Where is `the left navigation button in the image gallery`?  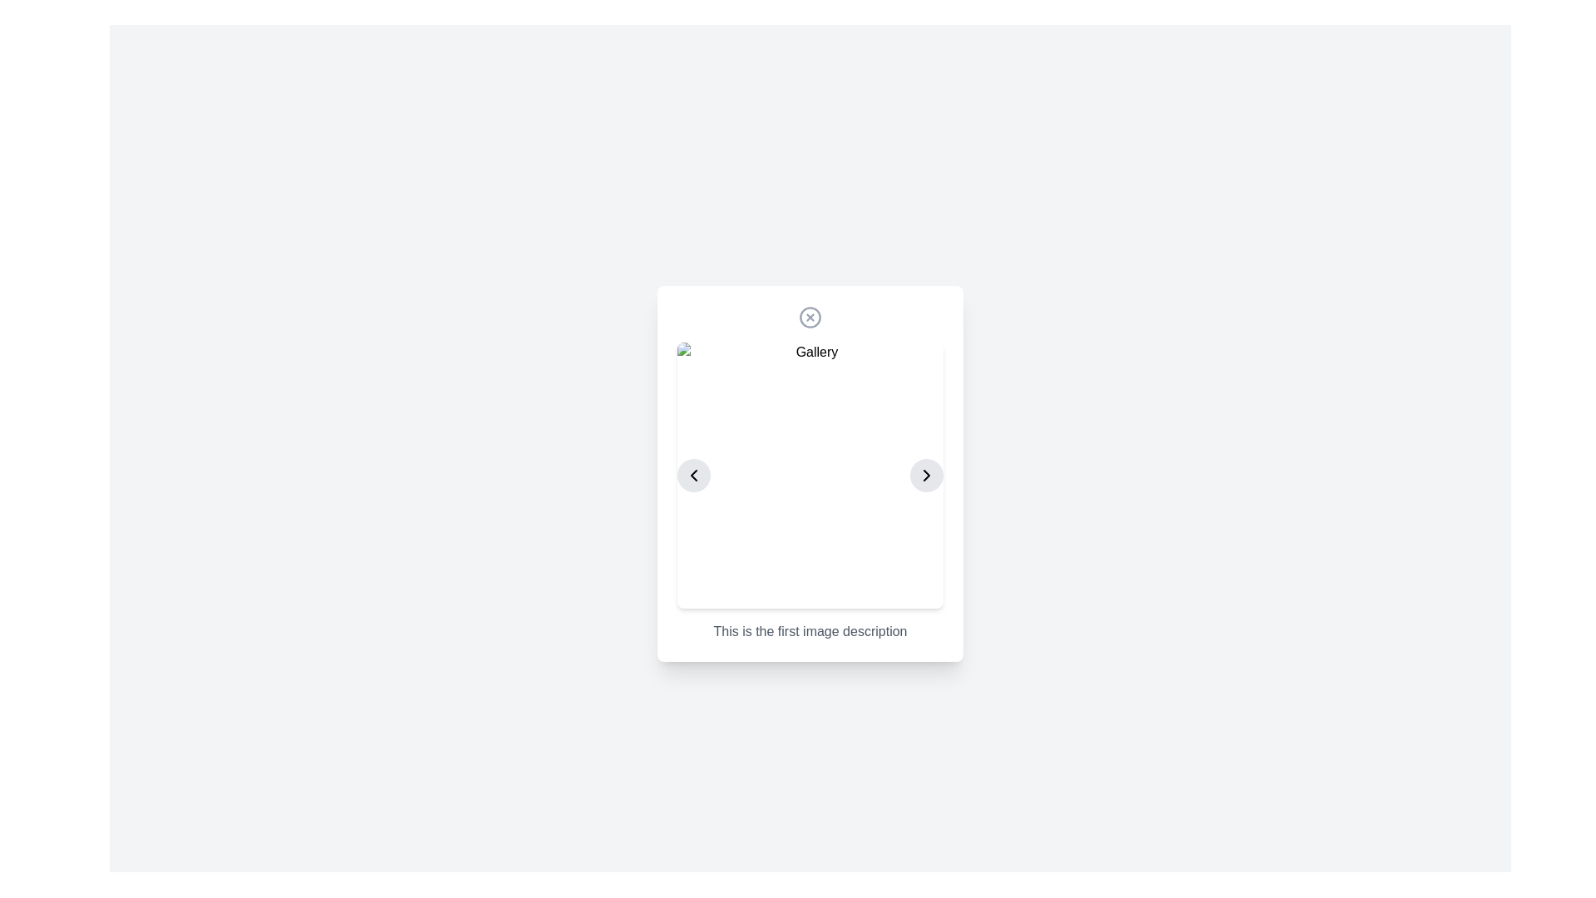
the left navigation button in the image gallery is located at coordinates (694, 475).